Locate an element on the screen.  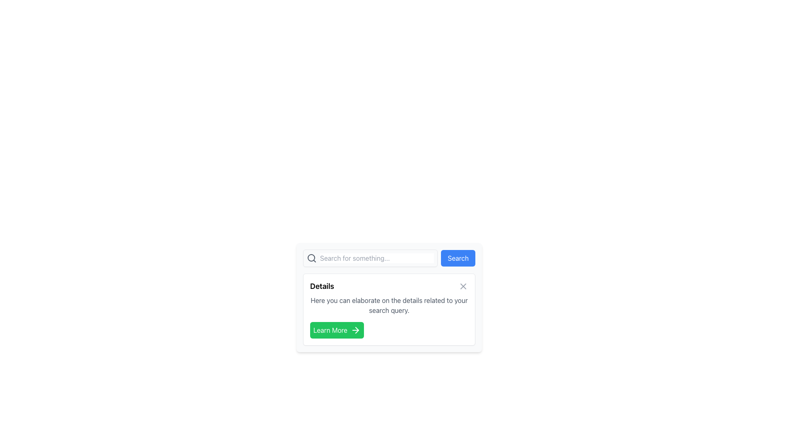
the Close Icon located in the top-right corner of the 'Details' card, which allows users to dismiss the card is located at coordinates (463, 286).